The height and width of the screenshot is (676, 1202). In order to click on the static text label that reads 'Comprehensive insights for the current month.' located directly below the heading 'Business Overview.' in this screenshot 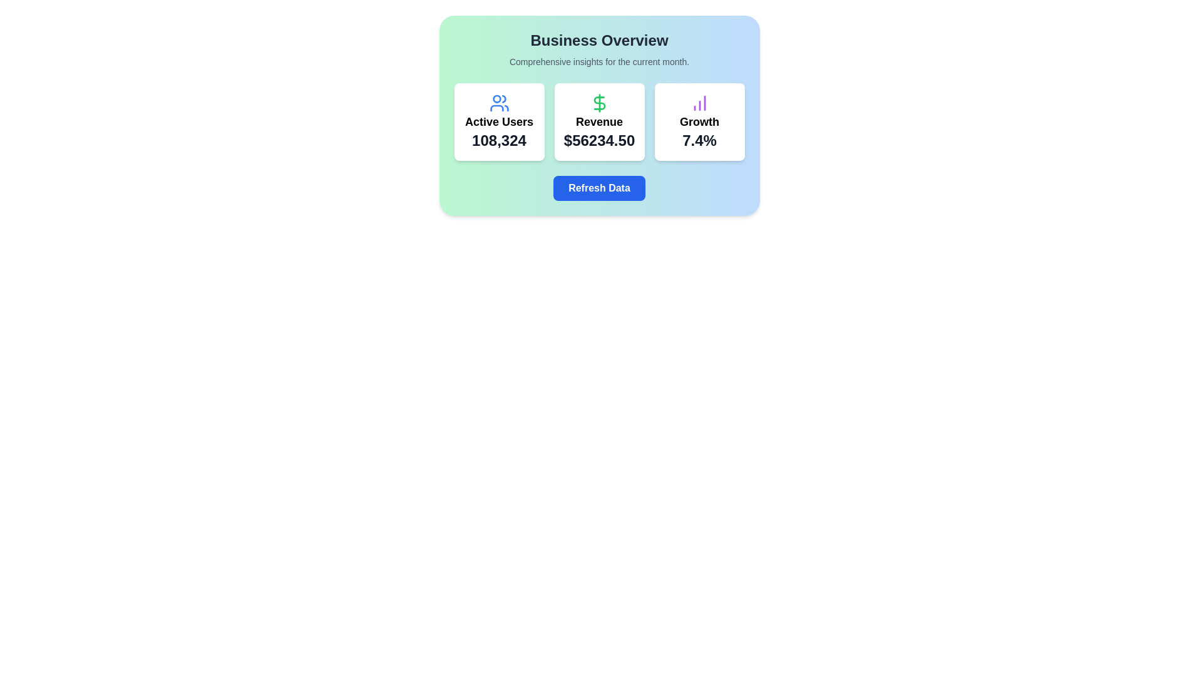, I will do `click(598, 62)`.